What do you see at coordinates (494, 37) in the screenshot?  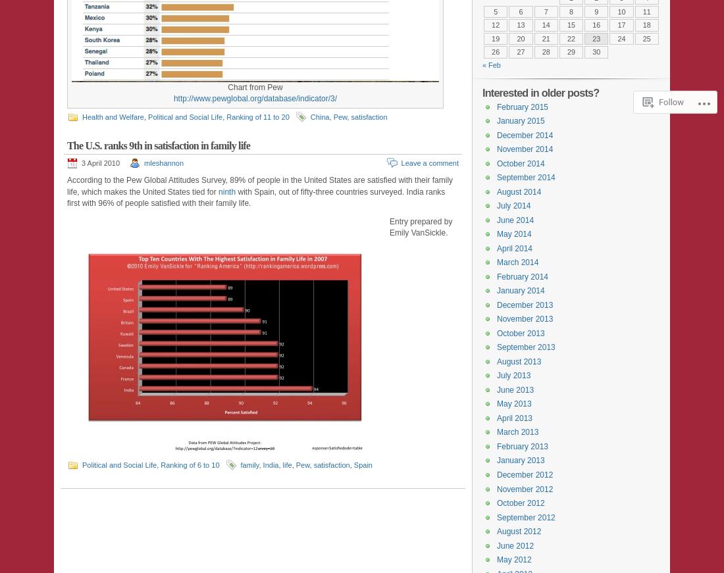 I see `'19'` at bounding box center [494, 37].